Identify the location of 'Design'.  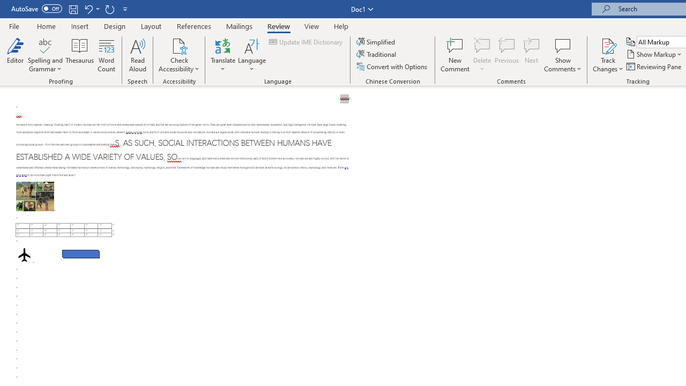
(115, 26).